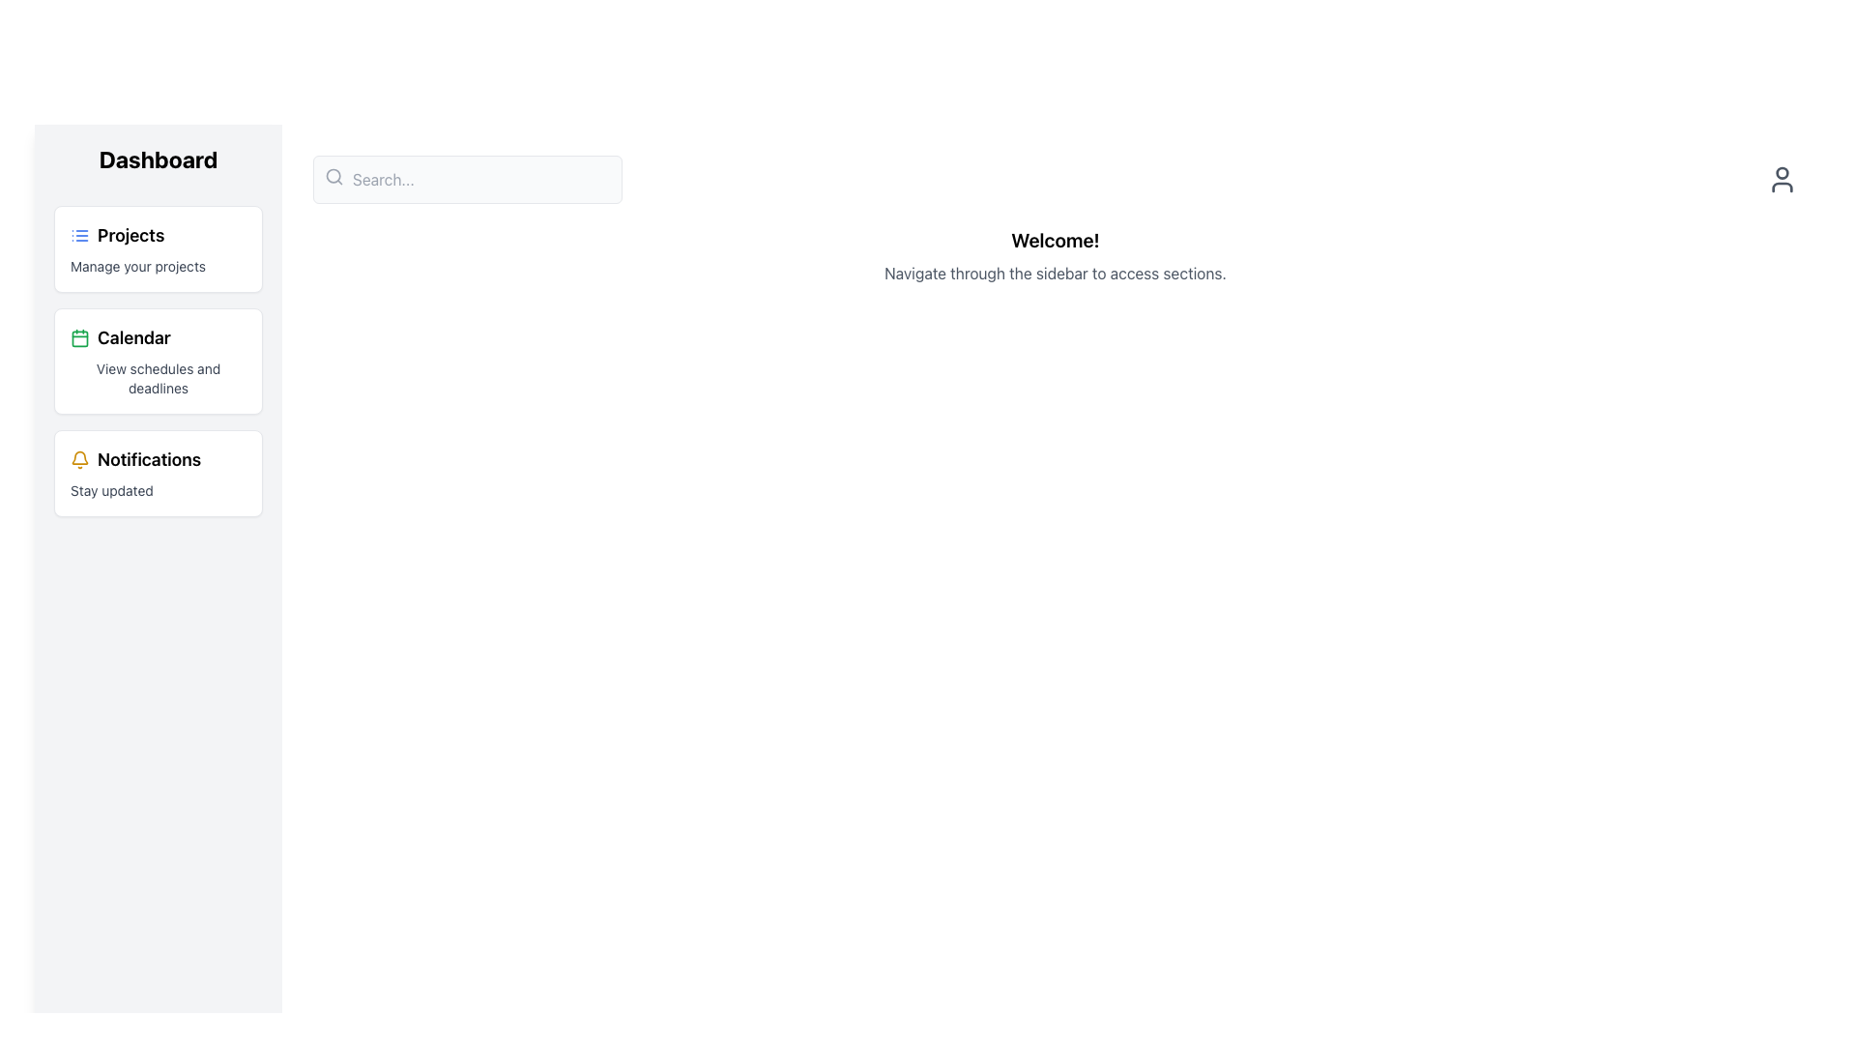  What do you see at coordinates (134, 459) in the screenshot?
I see `the 'Notifications' label with a bell icon located in the third card of the left sidebar, below 'Projects' and 'Calendar'` at bounding box center [134, 459].